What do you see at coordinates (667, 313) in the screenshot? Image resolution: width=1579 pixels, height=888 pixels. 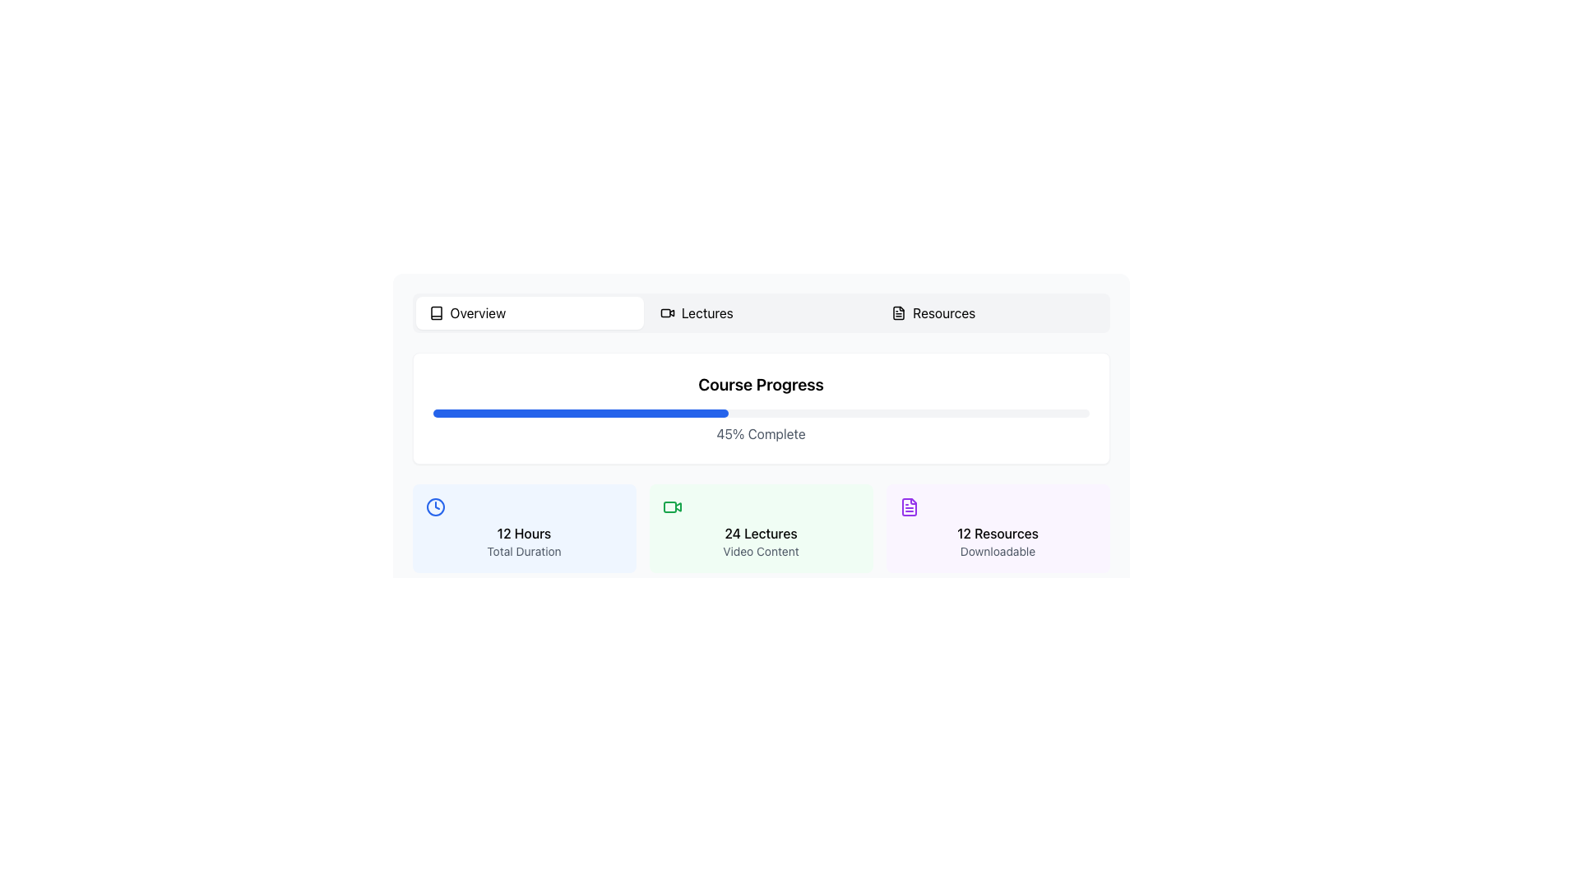 I see `the video-related content icon located to the far left of the 'Lectures' button in the upper portion of the interface` at bounding box center [667, 313].